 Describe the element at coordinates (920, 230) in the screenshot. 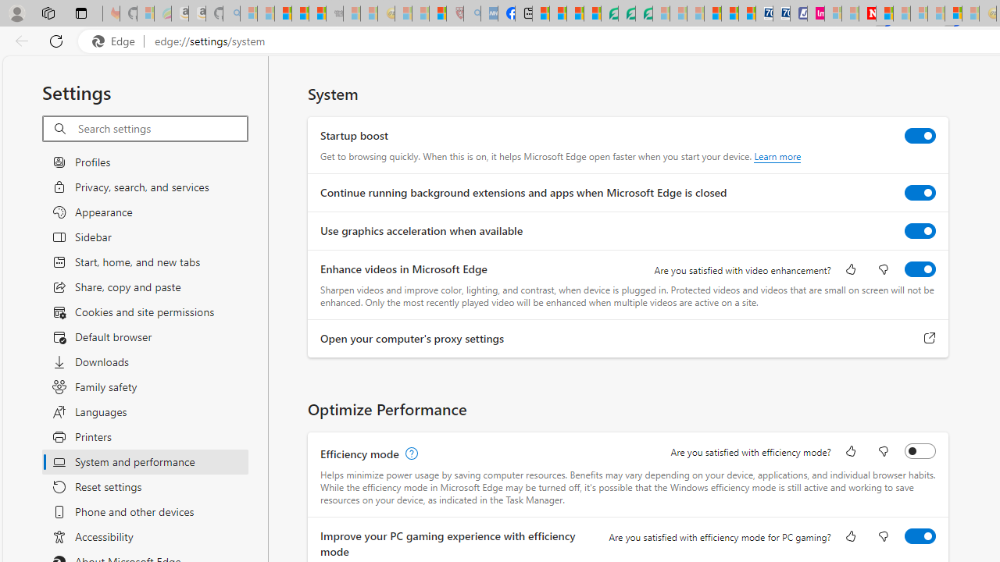

I see `'Use graphics acceleration when available'` at that location.